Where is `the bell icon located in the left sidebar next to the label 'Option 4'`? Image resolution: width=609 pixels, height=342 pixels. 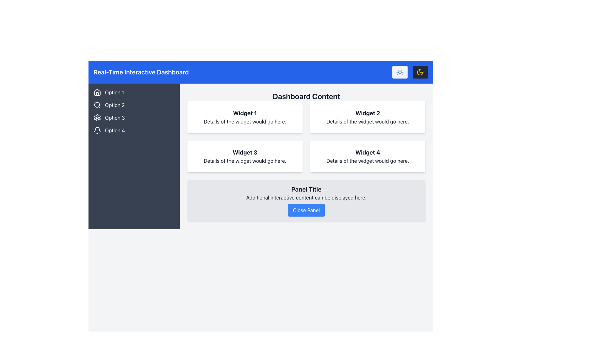
the bell icon located in the left sidebar next to the label 'Option 4' is located at coordinates (97, 130).